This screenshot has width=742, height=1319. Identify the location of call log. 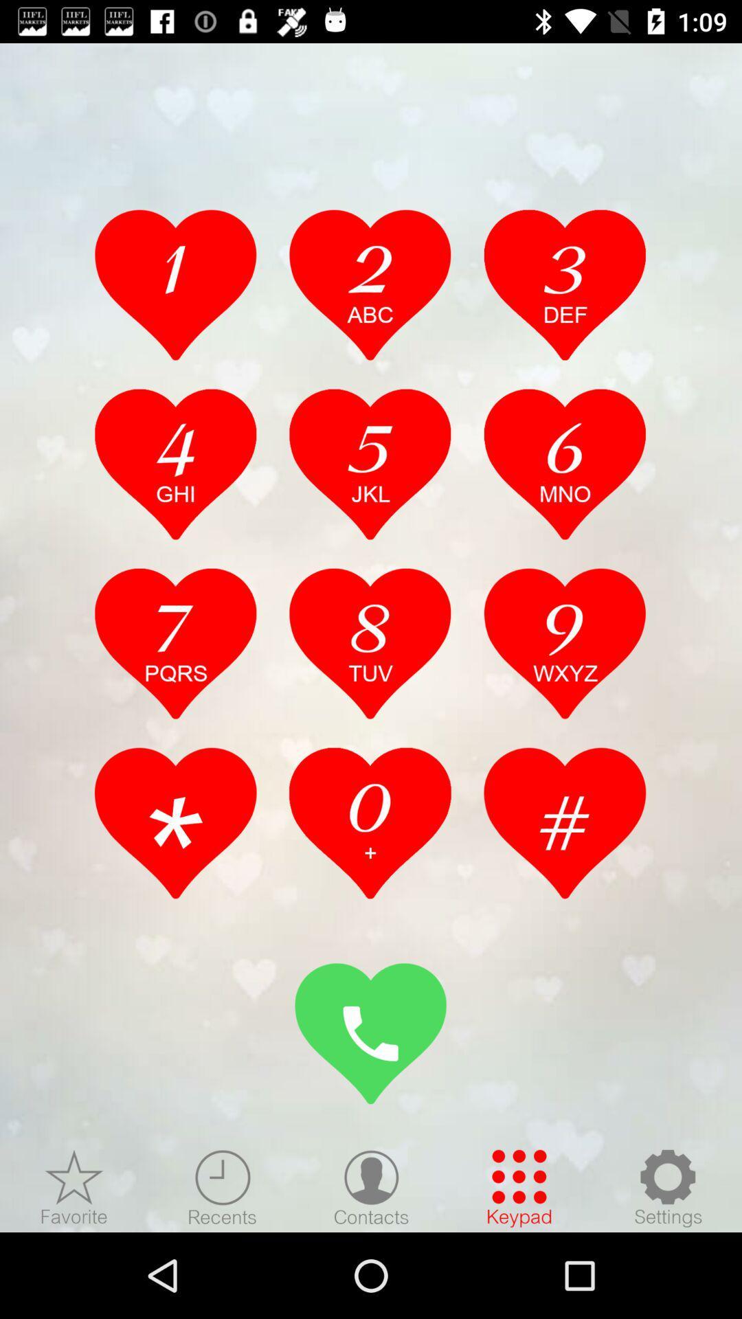
(370, 823).